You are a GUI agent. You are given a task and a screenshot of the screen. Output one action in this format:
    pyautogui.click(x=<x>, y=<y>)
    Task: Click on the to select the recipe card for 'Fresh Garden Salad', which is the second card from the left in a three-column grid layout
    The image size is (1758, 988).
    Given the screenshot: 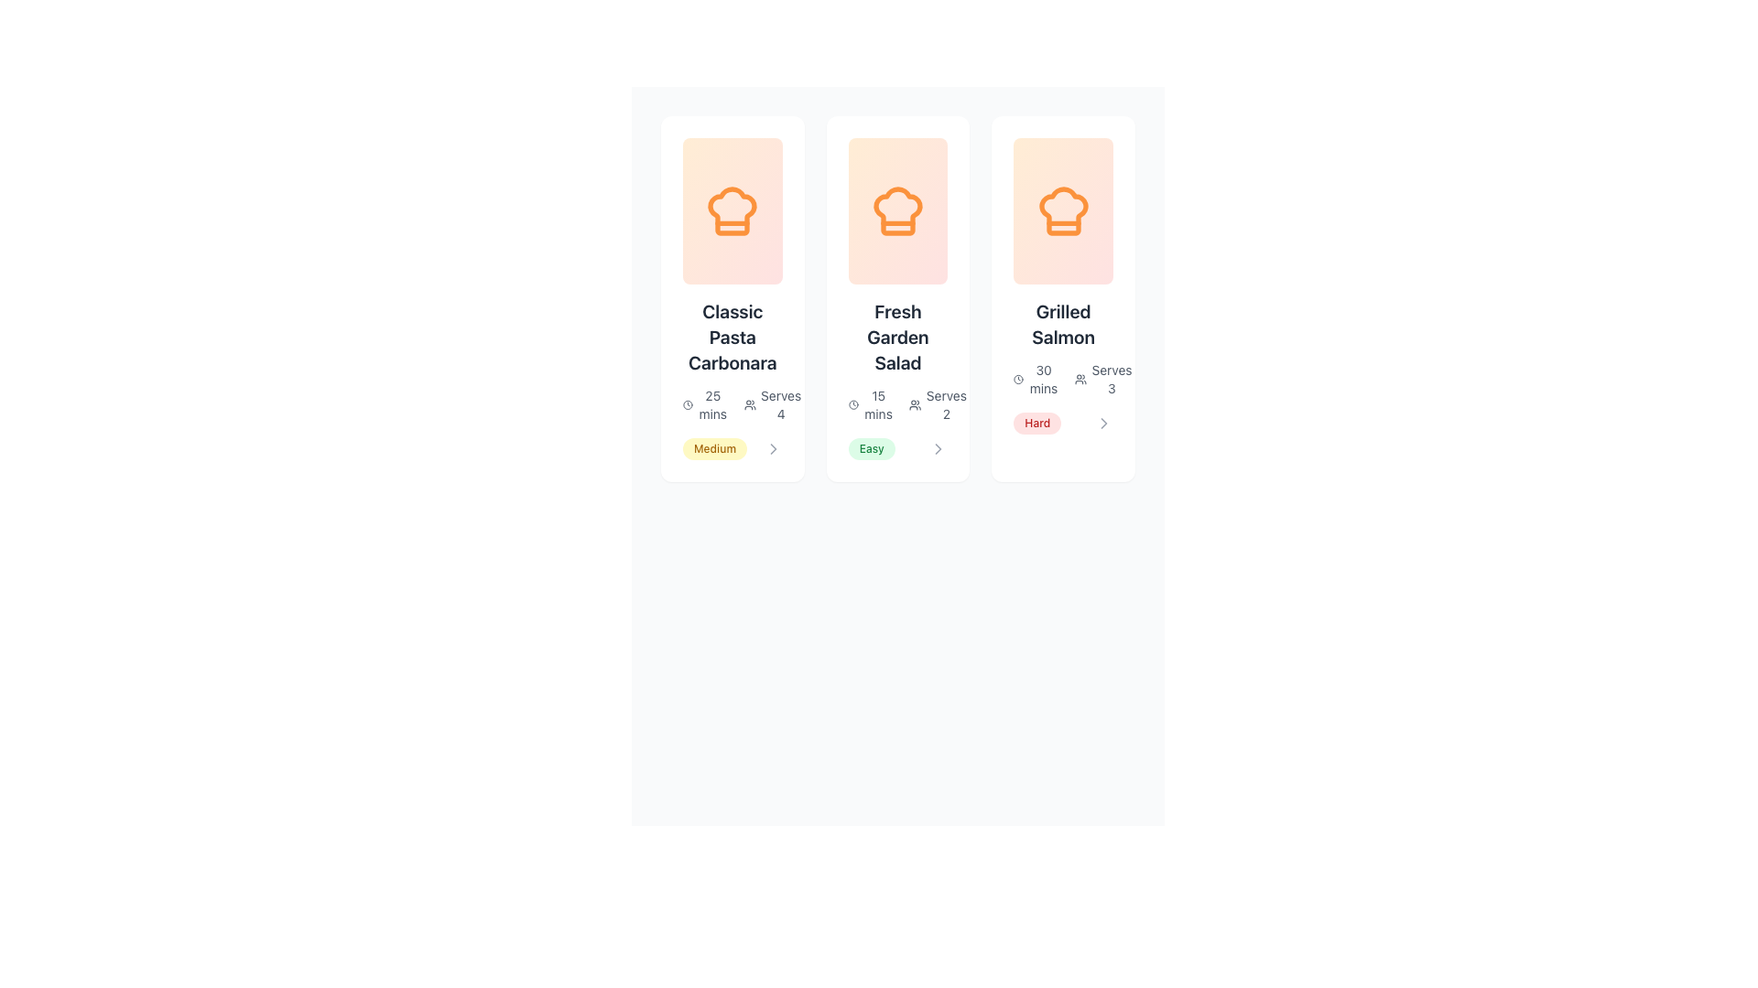 What is the action you would take?
    pyautogui.click(x=897, y=298)
    